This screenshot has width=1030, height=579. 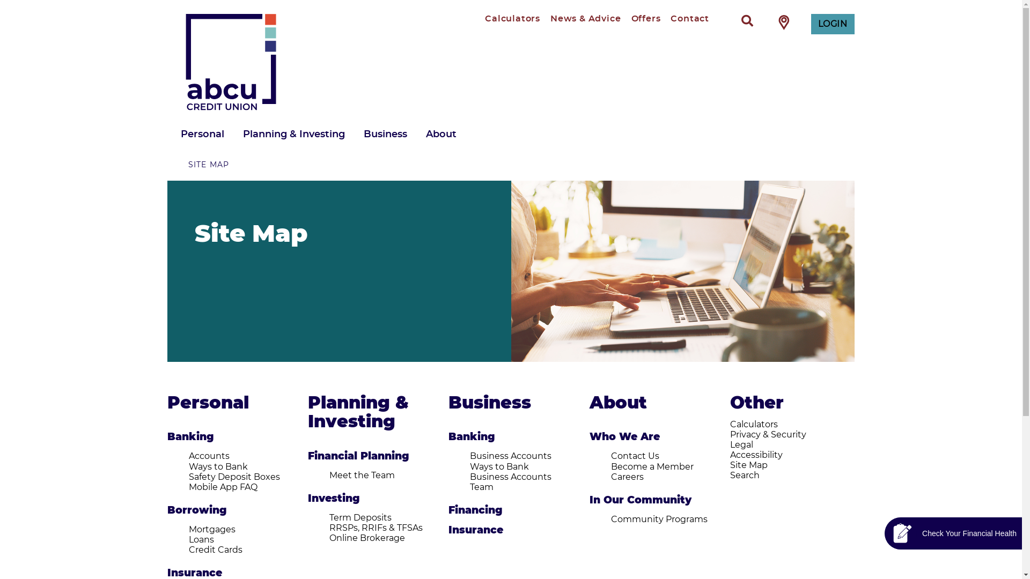 What do you see at coordinates (188, 466) in the screenshot?
I see `'Ways to Bank'` at bounding box center [188, 466].